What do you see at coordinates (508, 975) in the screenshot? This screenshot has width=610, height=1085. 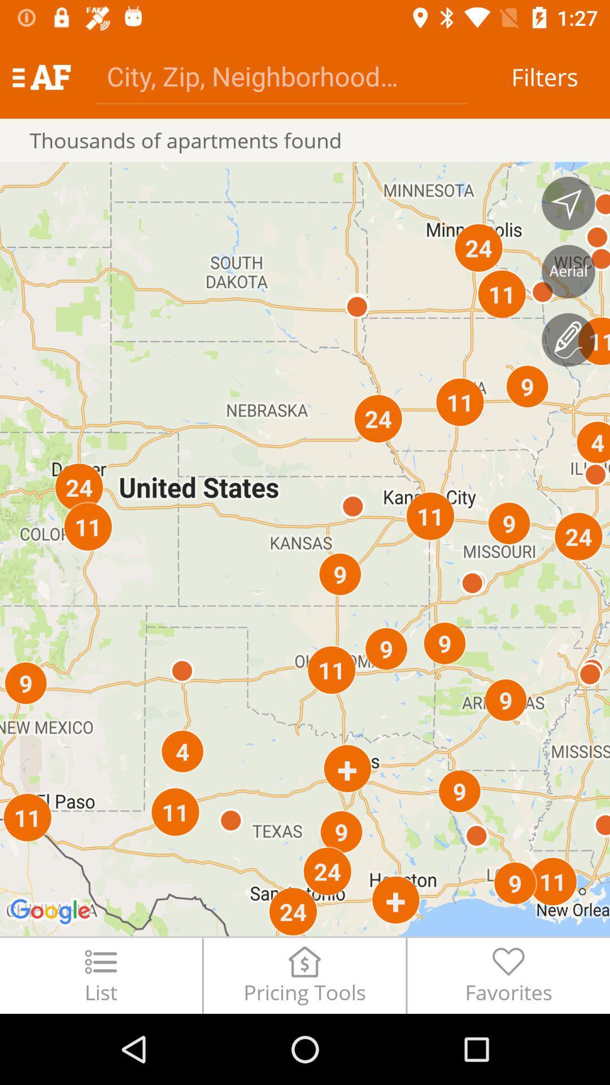 I see `favorites` at bounding box center [508, 975].